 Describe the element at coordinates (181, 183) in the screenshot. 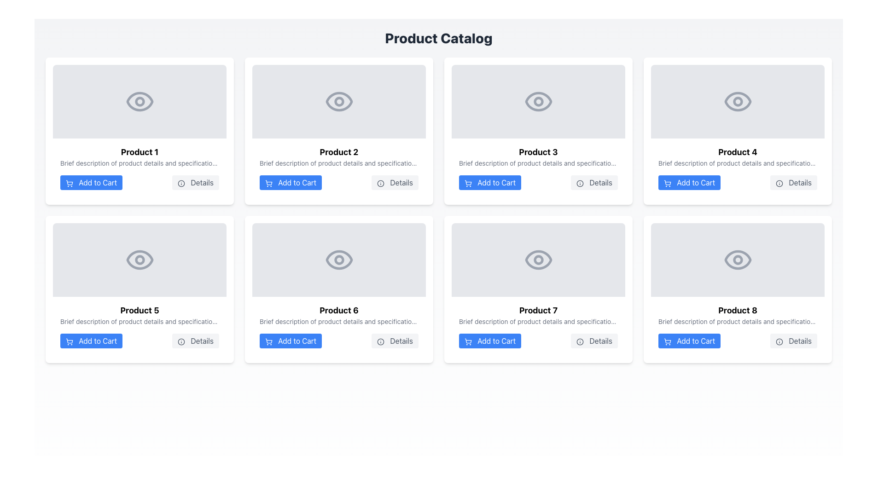

I see `the decorative circle element that is part of the information icon located to the left of the 'Details' button` at that location.